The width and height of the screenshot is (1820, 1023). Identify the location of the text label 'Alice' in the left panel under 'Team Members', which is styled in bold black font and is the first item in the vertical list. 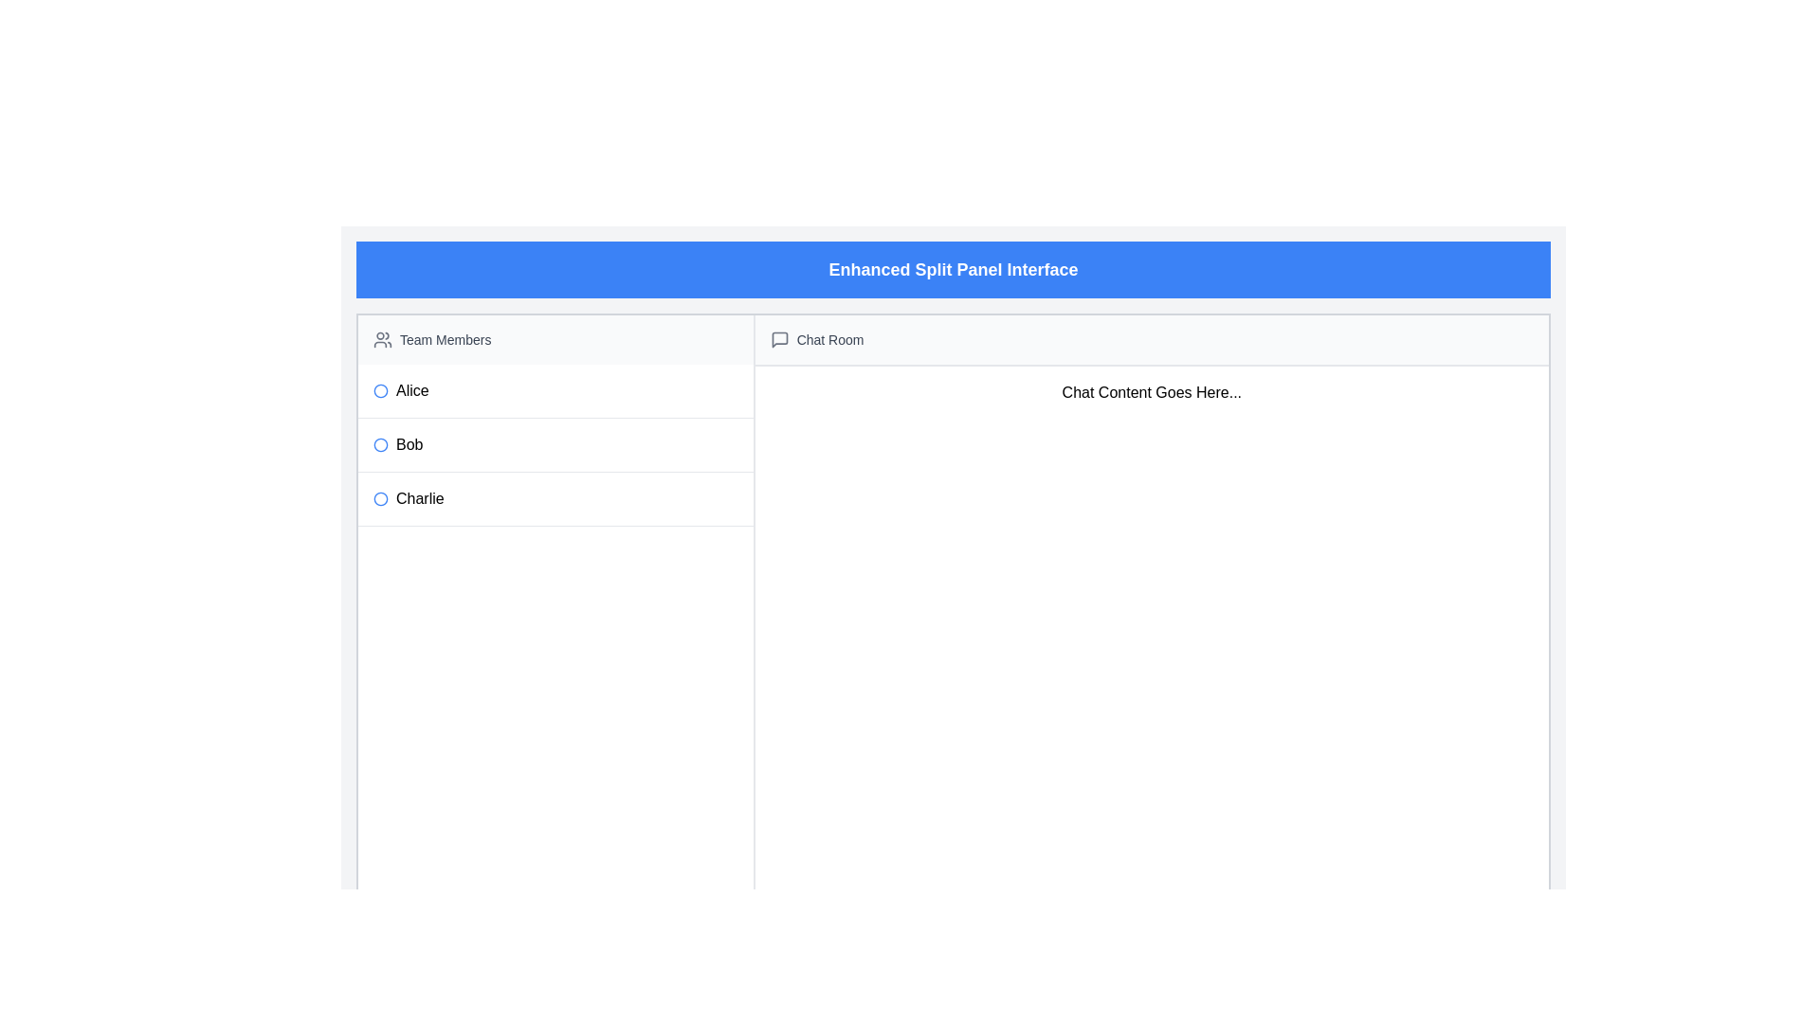
(411, 389).